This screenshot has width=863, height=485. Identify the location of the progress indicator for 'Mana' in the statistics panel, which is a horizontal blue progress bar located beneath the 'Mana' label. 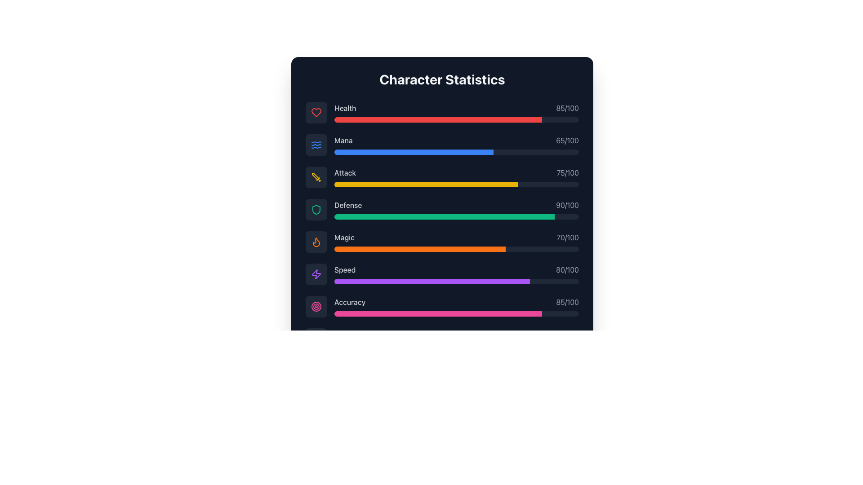
(413, 152).